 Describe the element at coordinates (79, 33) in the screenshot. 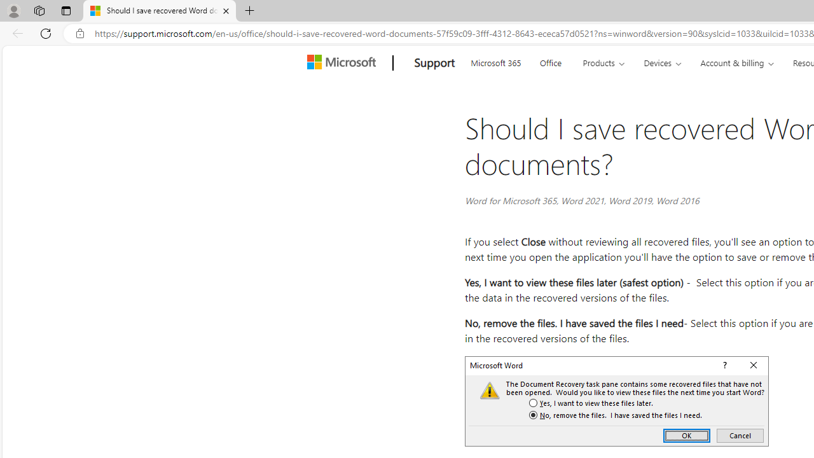

I see `'View site information'` at that location.